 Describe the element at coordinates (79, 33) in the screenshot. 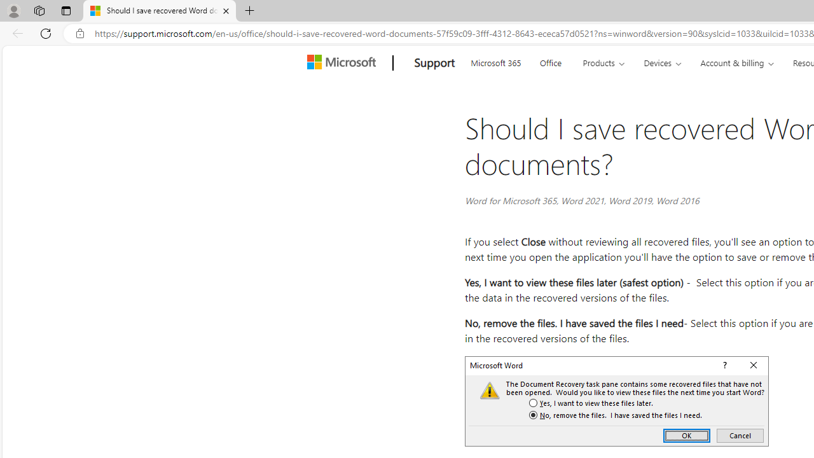

I see `'View site information'` at that location.